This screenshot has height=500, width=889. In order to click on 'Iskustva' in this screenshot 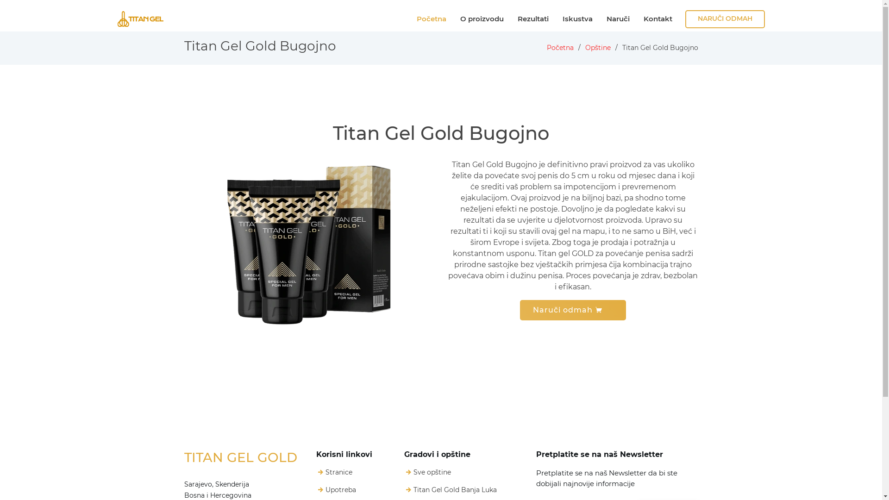, I will do `click(577, 19)`.